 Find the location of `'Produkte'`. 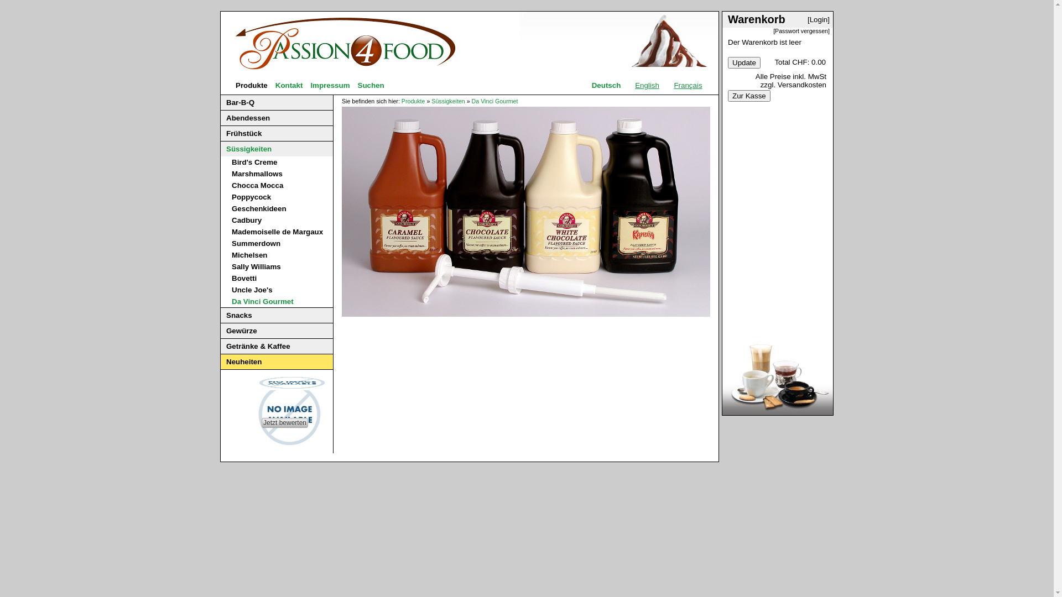

'Produkte' is located at coordinates (413, 101).